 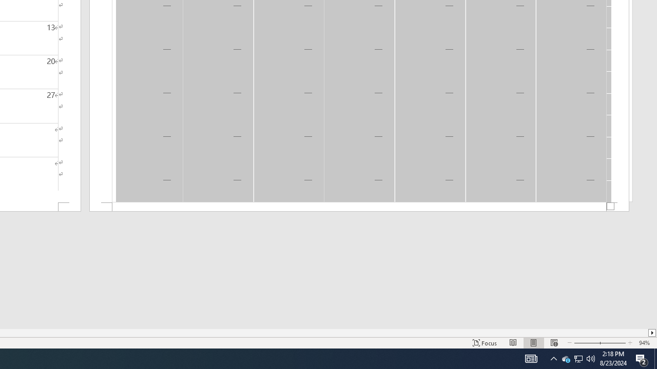 I want to click on 'Column right', so click(x=652, y=333).